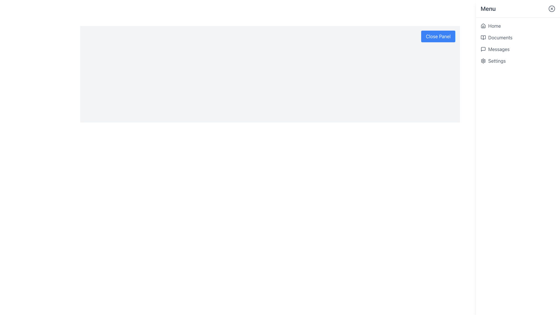  I want to click on the 'Messages' button using keyboard navigation, so click(518, 49).